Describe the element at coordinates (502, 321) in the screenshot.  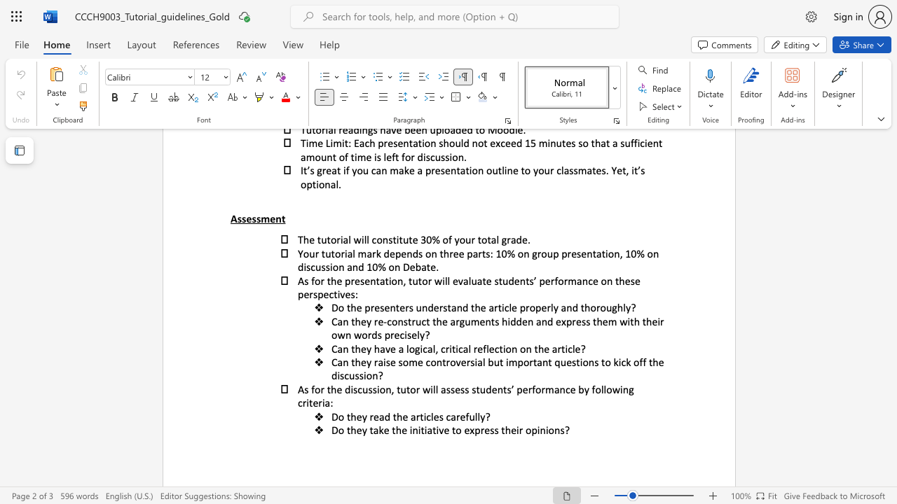
I see `the subset text "hidden and express them with their own words p" within the text "Can they re-construct the arguments hidden and express them with their own words precisely?"` at that location.